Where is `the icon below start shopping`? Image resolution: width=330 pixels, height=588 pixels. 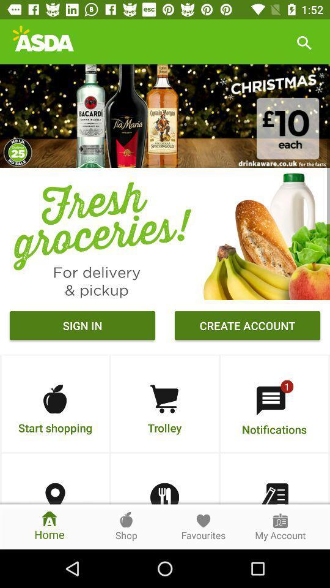 the icon below start shopping is located at coordinates (54, 494).